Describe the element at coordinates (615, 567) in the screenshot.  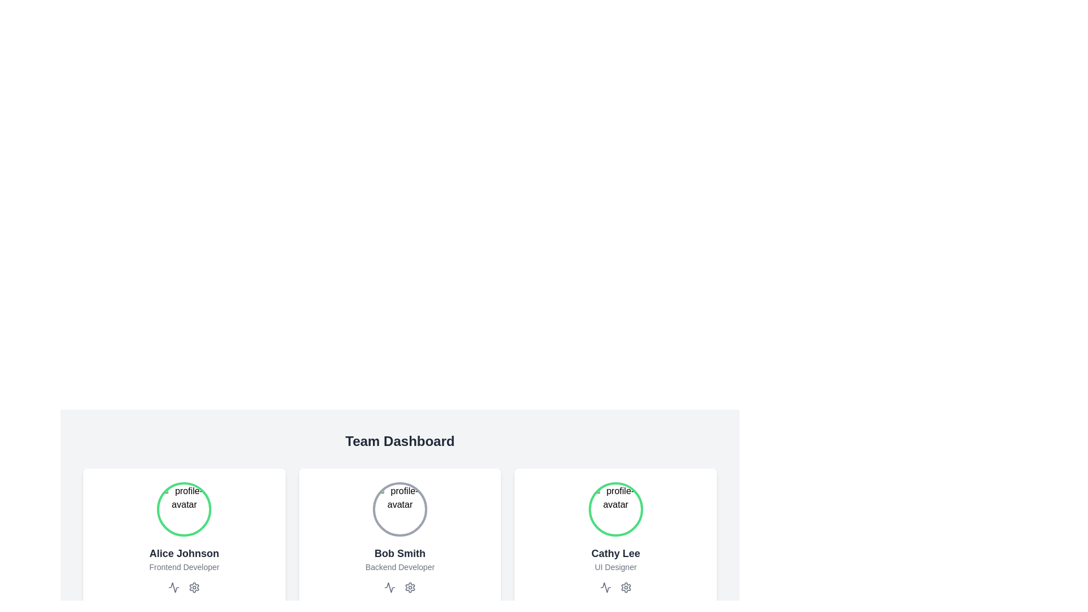
I see `text label displaying the role or job title associated with Cathy Lee, located directly below her name within the team member card structure` at that location.